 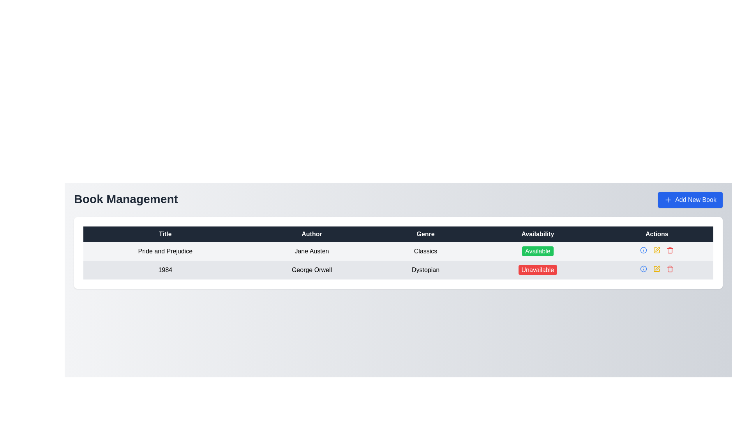 What do you see at coordinates (644, 269) in the screenshot?
I see `the 'info' icon represented by a Circle in the 'Actions' column of the second row for the entry '1984' by George Orwell` at bounding box center [644, 269].